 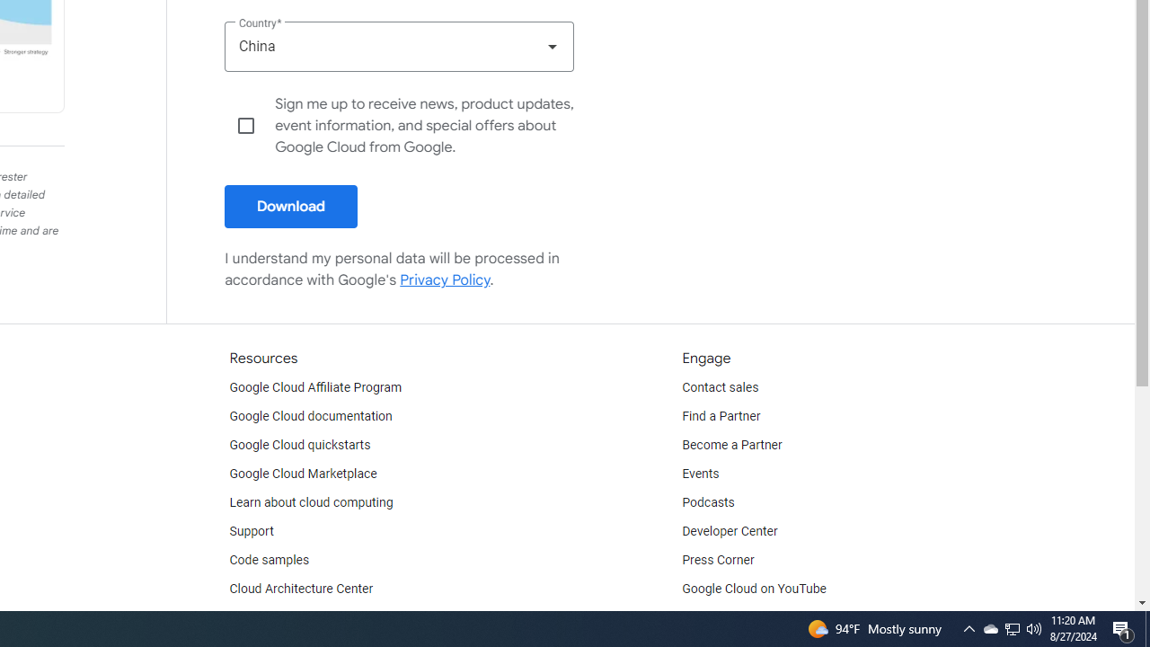 What do you see at coordinates (310, 417) in the screenshot?
I see `'Google Cloud documentation'` at bounding box center [310, 417].